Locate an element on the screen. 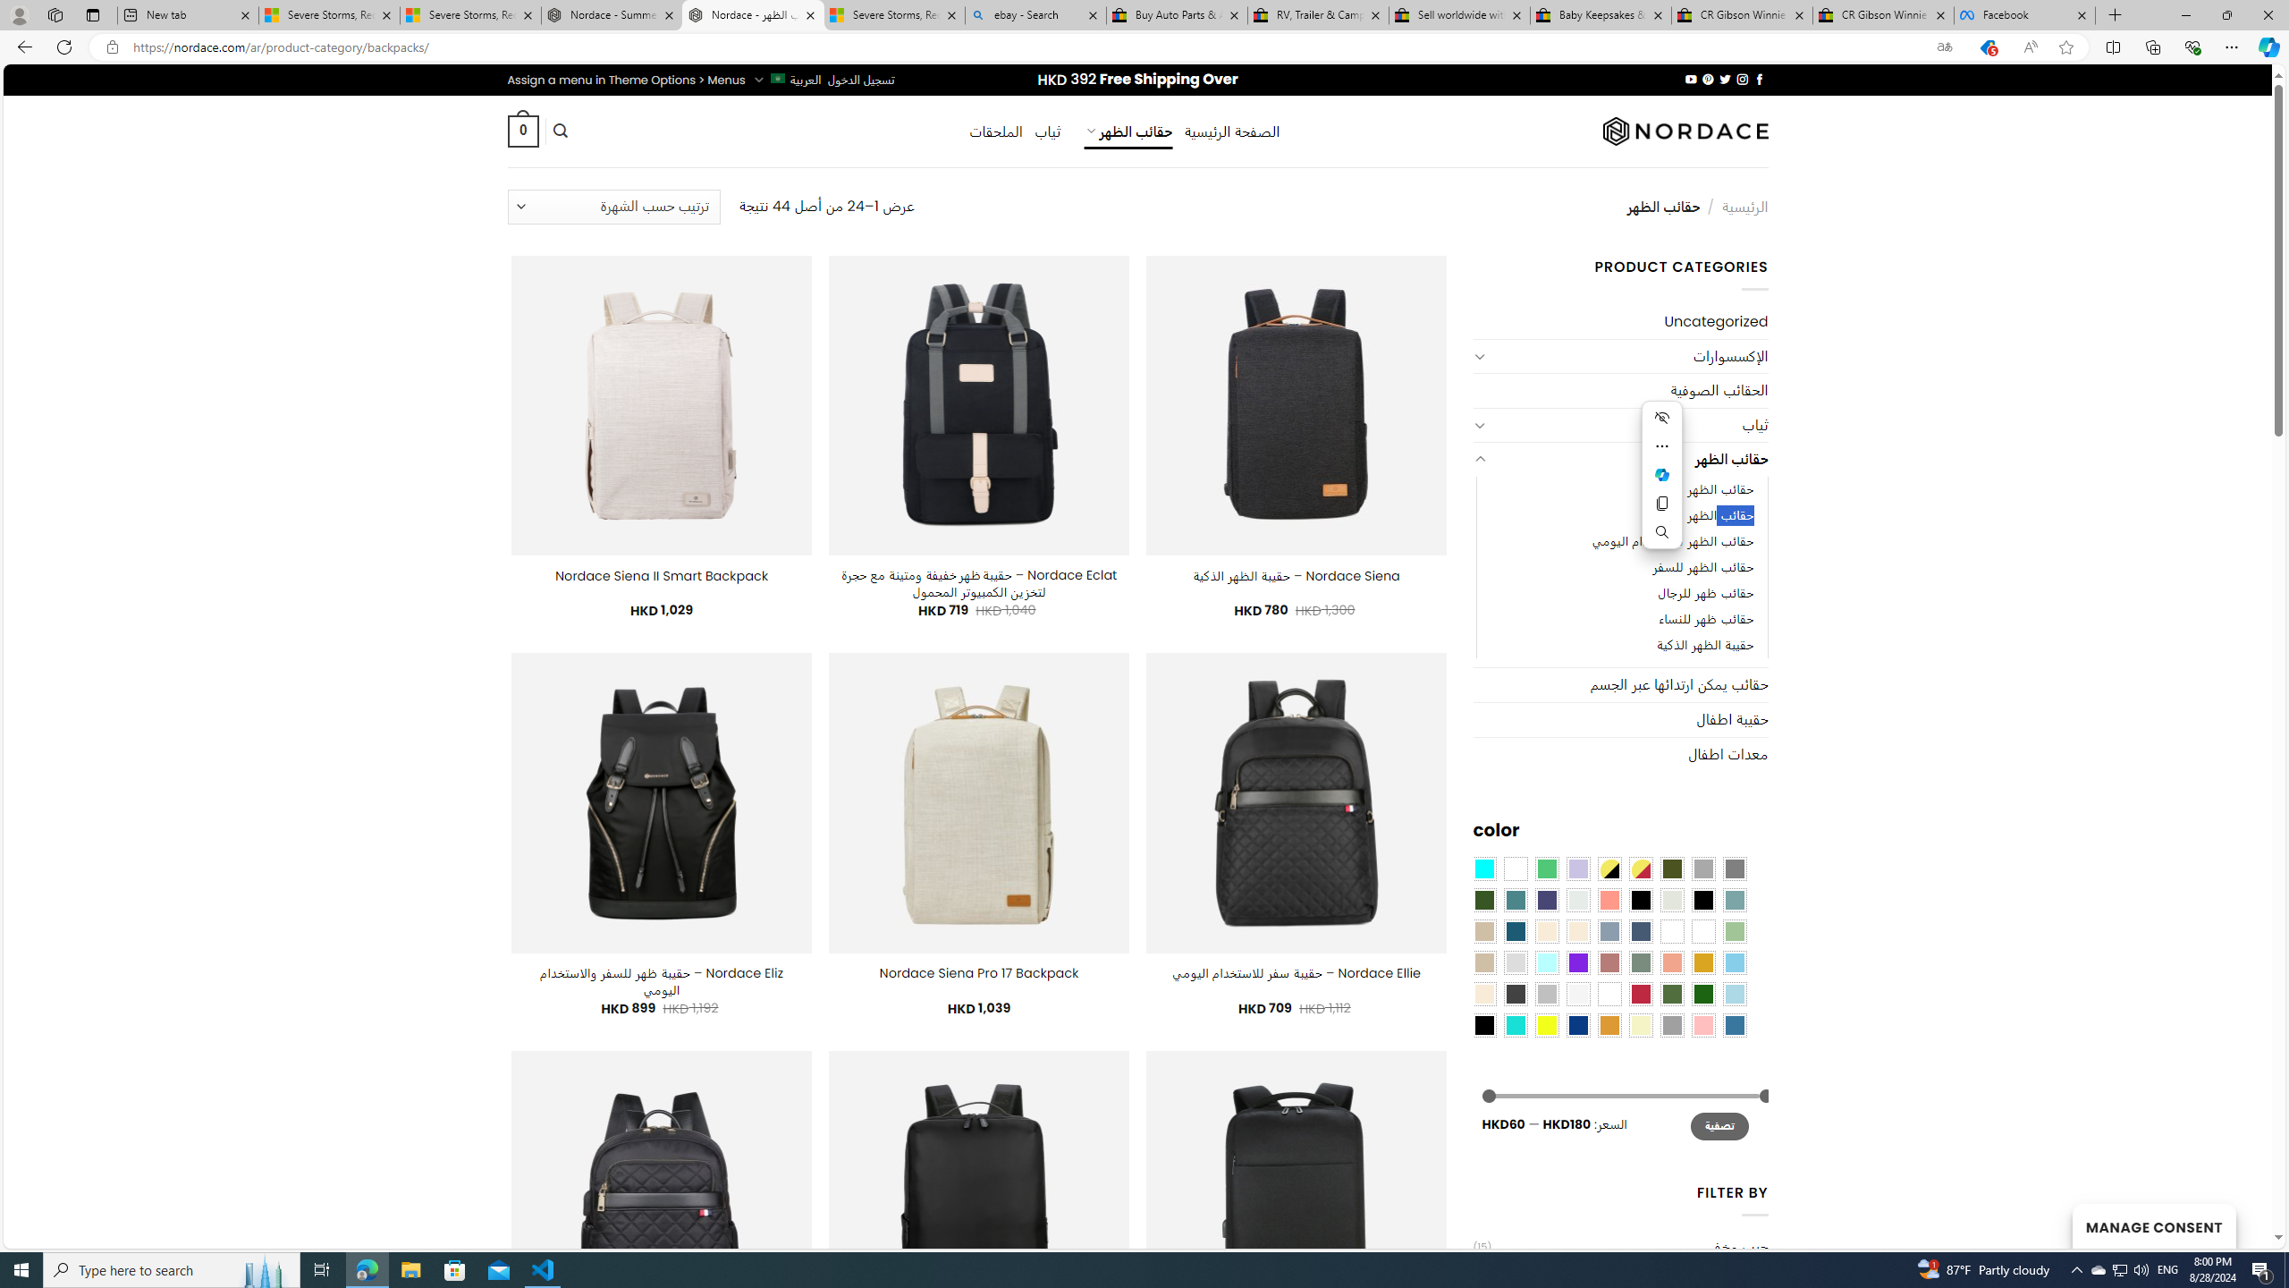 This screenshot has width=2289, height=1288. 'Light Purple' is located at coordinates (1578, 867).